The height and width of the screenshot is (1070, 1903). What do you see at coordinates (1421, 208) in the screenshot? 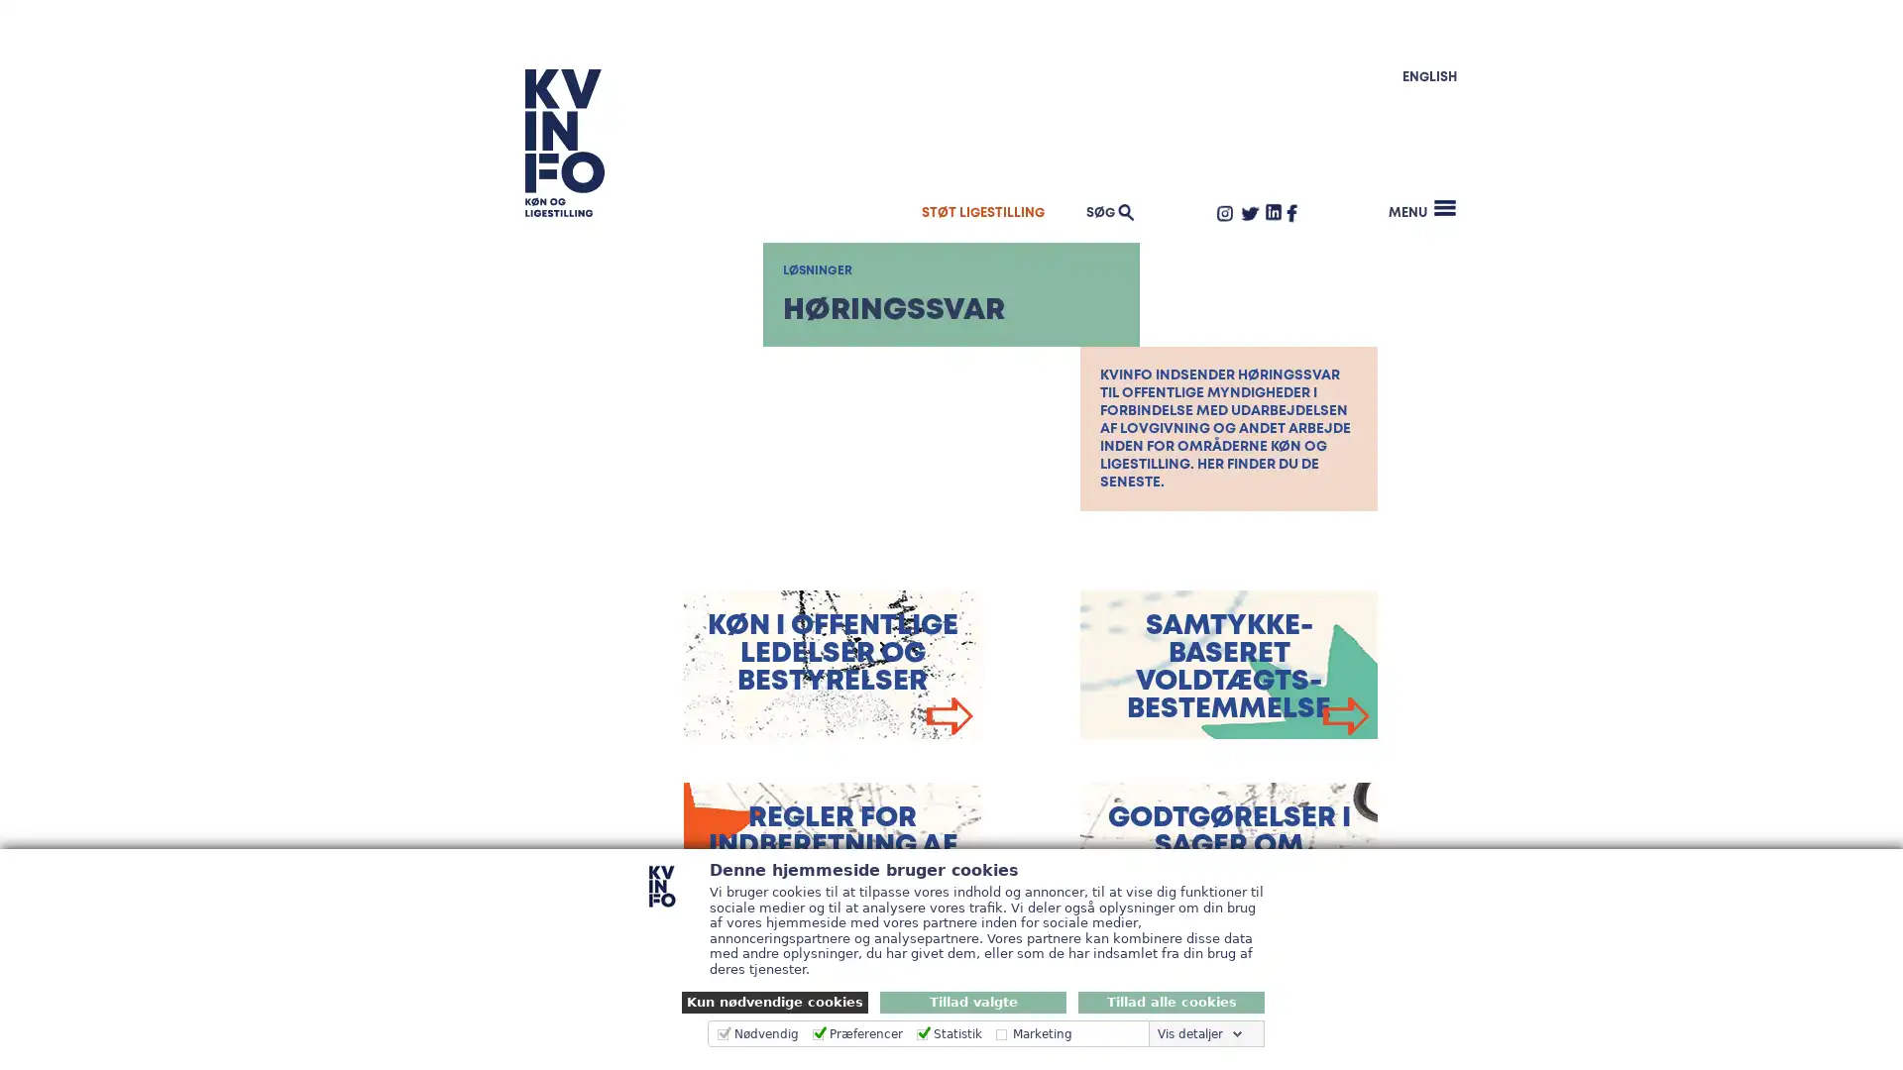
I see `MENU` at bounding box center [1421, 208].